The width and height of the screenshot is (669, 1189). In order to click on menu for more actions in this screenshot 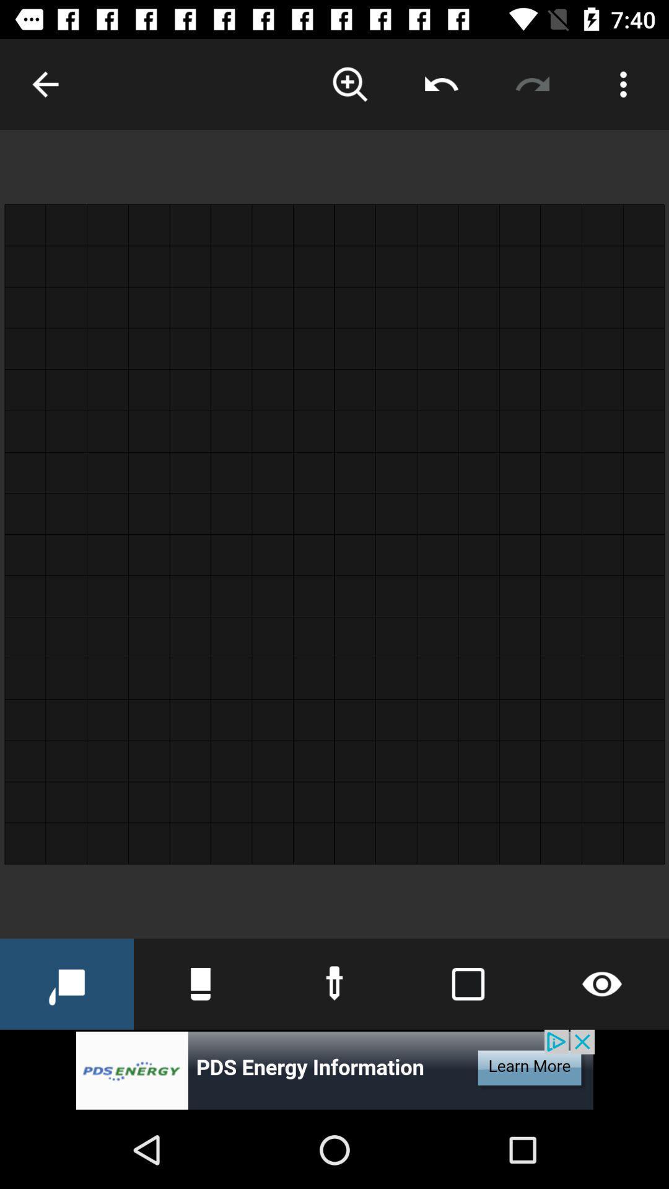, I will do `click(623, 84)`.